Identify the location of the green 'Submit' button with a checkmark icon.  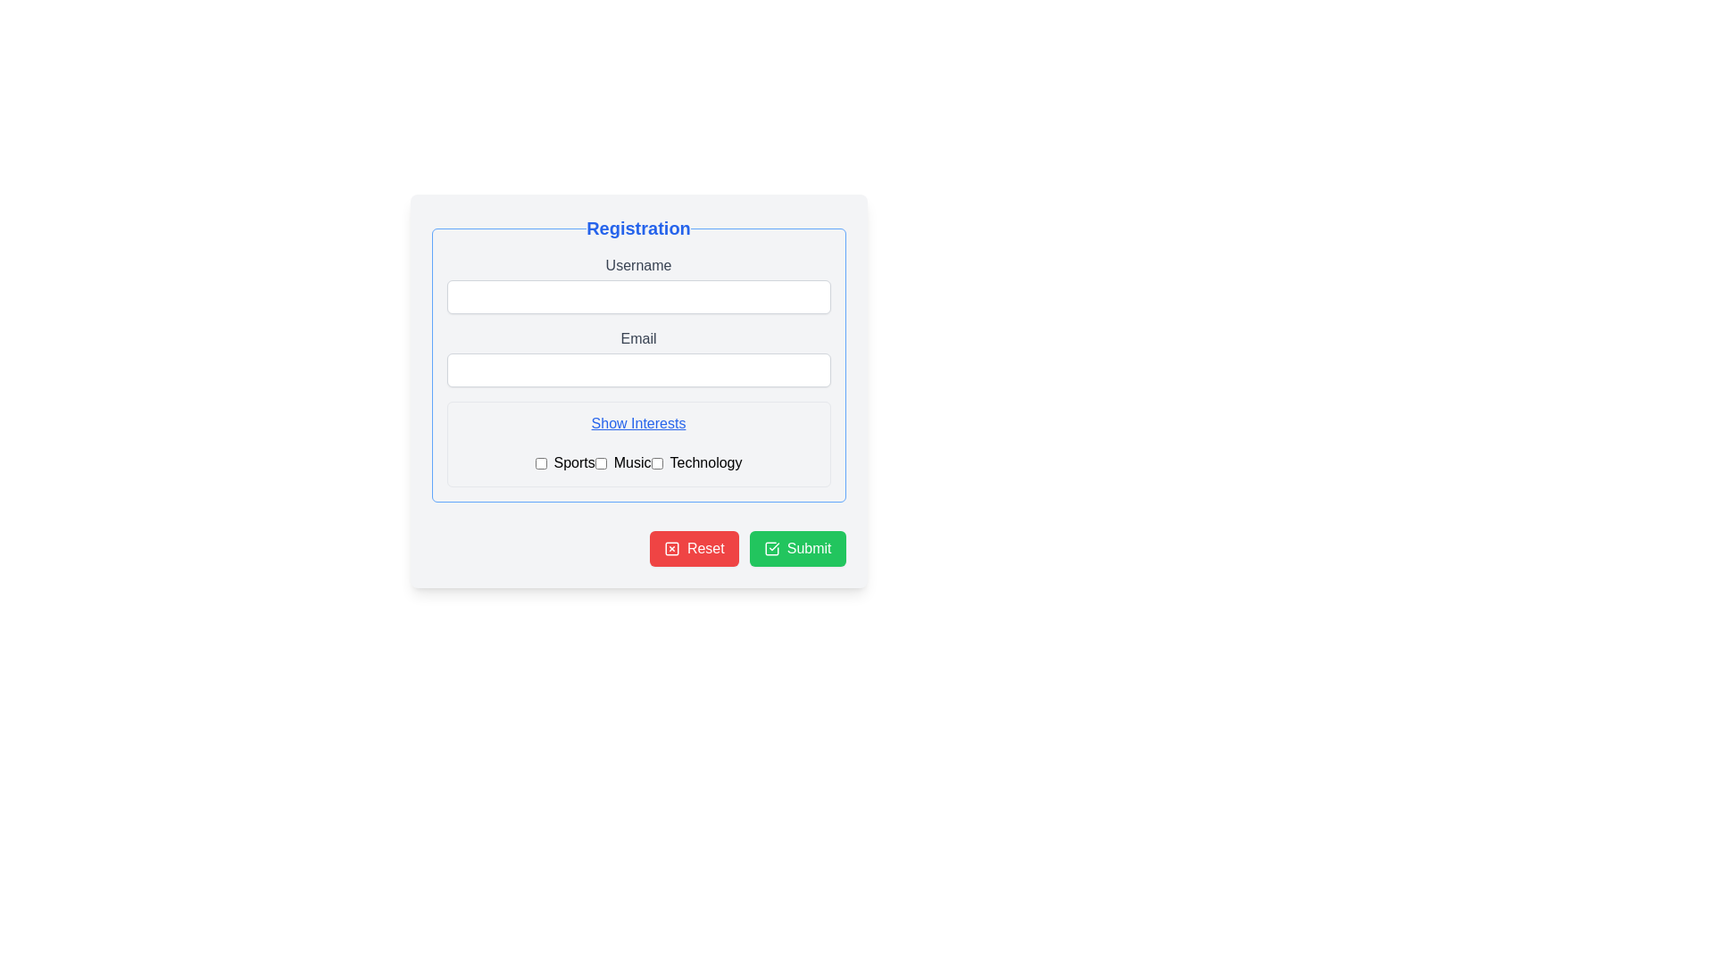
(796, 547).